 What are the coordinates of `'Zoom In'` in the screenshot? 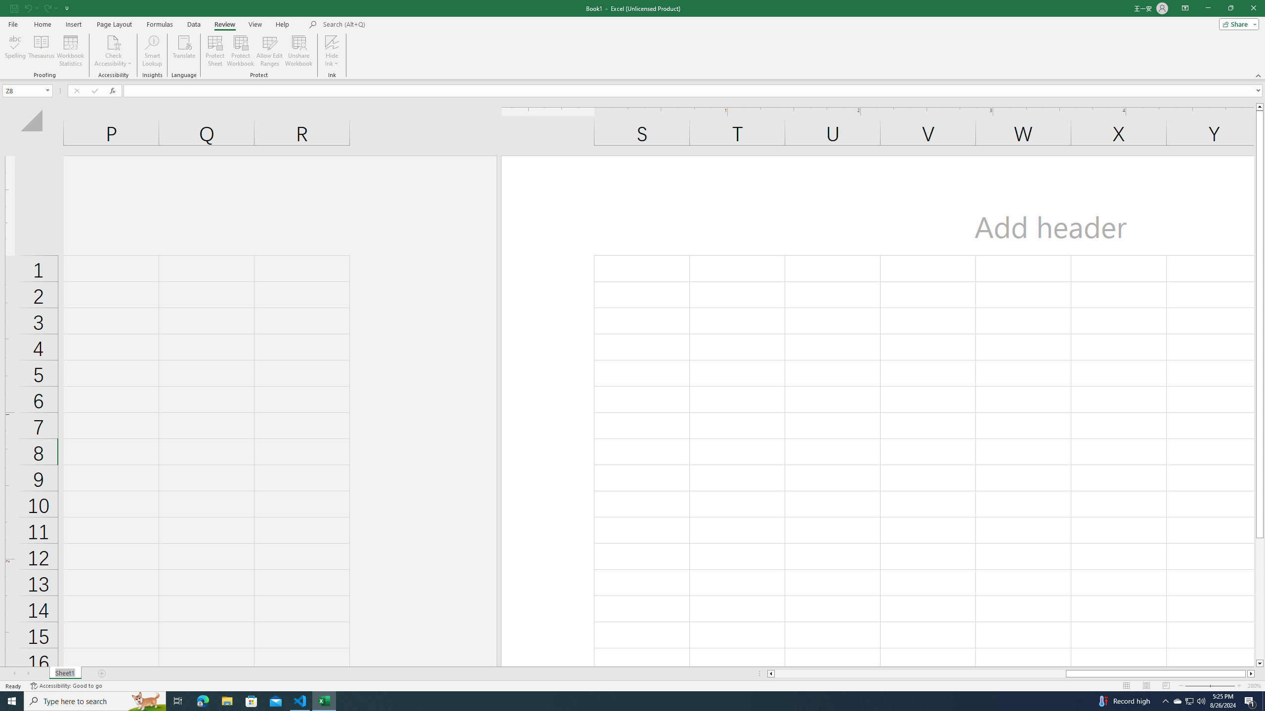 It's located at (1239, 686).